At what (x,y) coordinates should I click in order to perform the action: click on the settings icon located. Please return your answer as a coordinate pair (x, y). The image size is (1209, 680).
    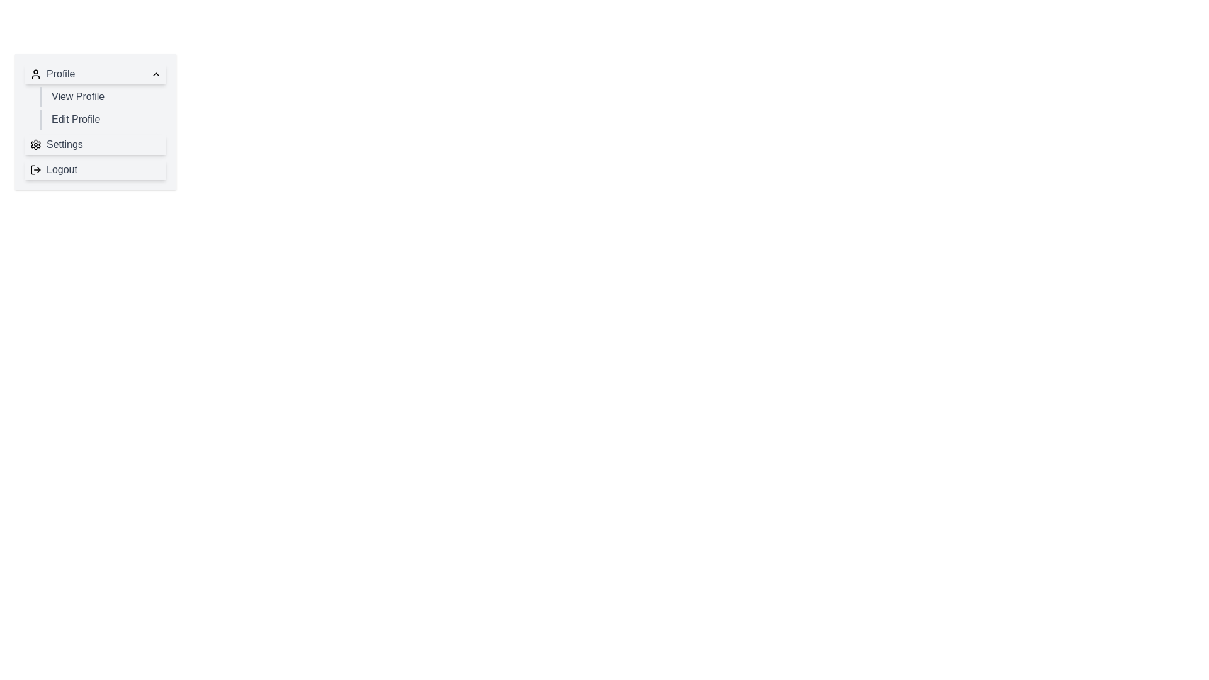
    Looking at the image, I should click on (36, 144).